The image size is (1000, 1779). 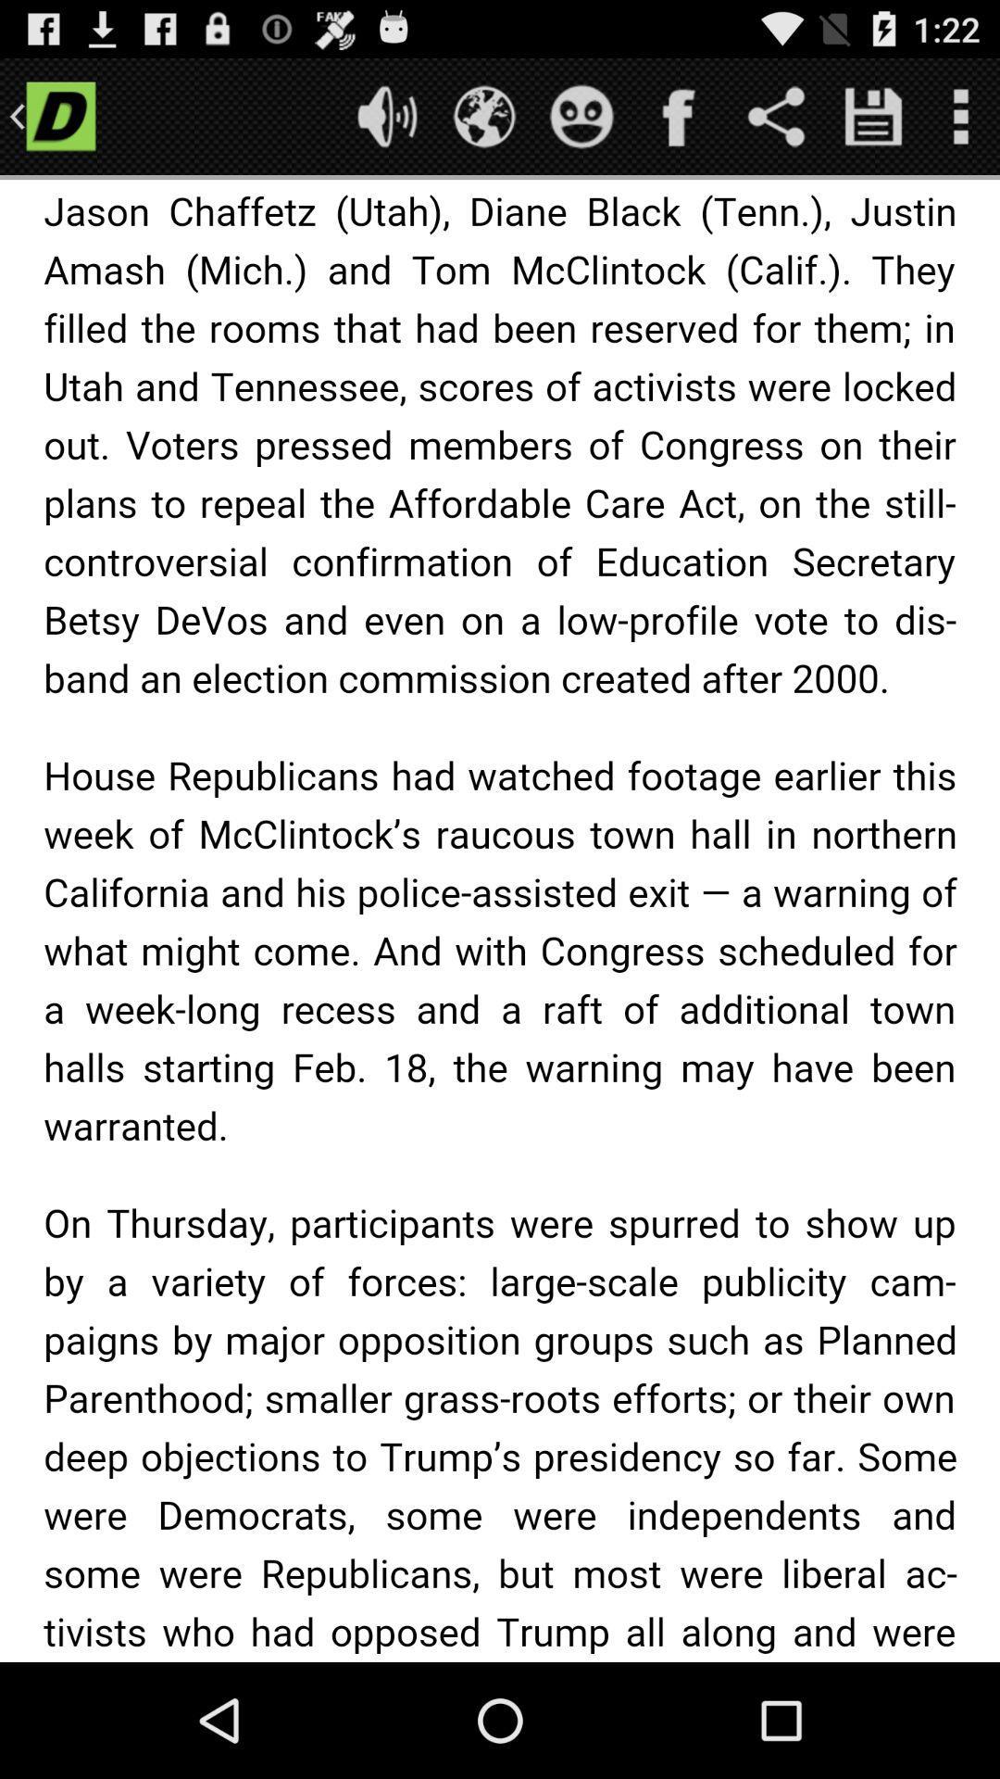 What do you see at coordinates (776, 123) in the screenshot?
I see `the share icon` at bounding box center [776, 123].